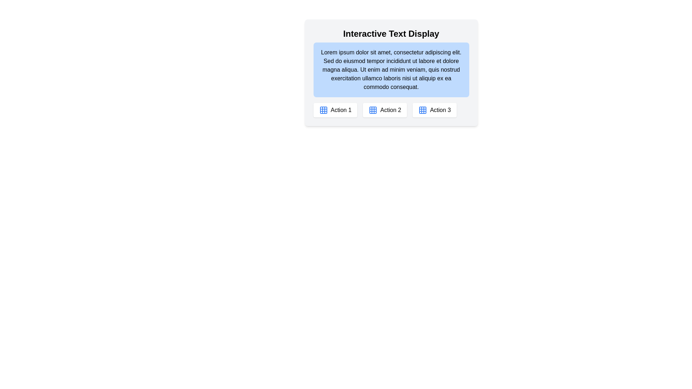 The height and width of the screenshot is (389, 692). What do you see at coordinates (323, 110) in the screenshot?
I see `the decorative square with rounded corners, styled with a blue border and white interior, located in the center of a grid layout within the SVG element` at bounding box center [323, 110].